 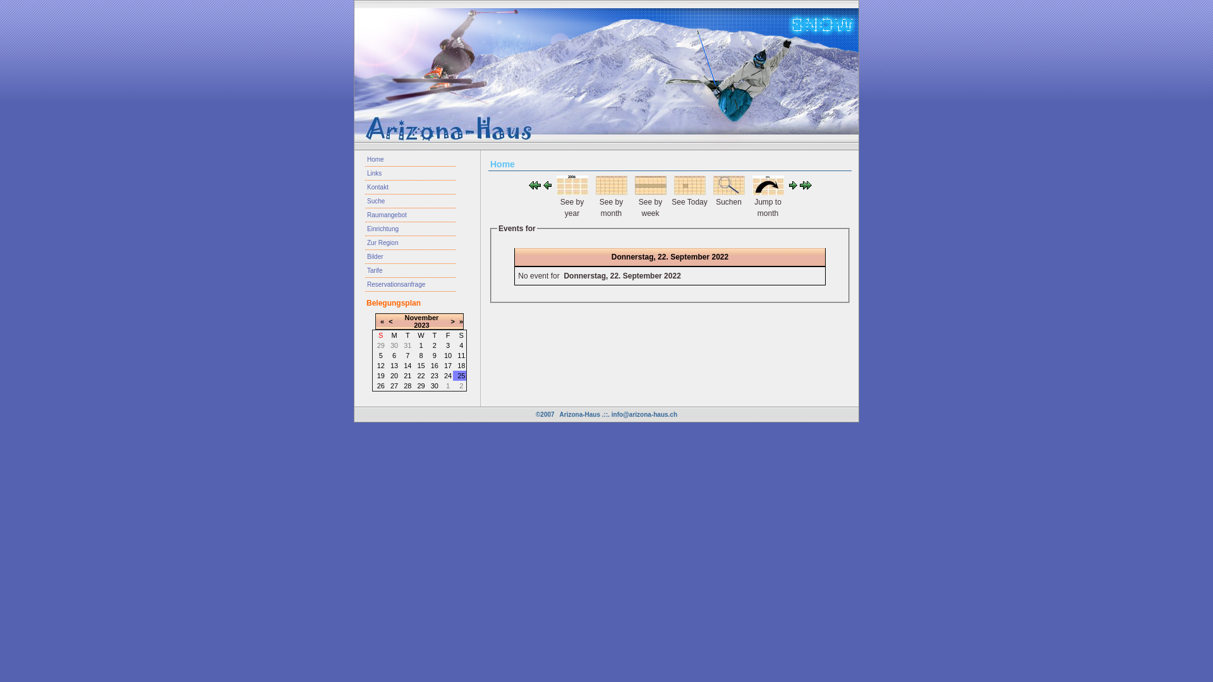 What do you see at coordinates (534, 187) in the screenshot?
I see `'Previous month'` at bounding box center [534, 187].